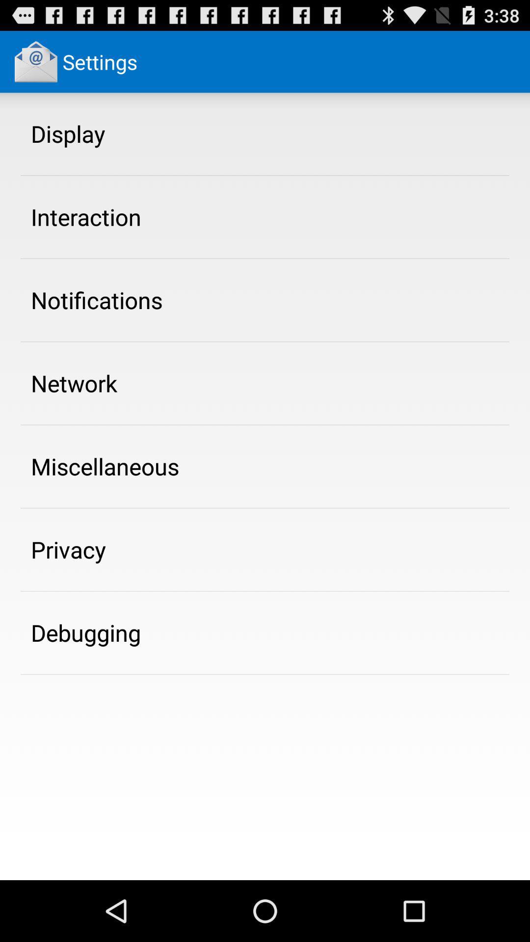  I want to click on the notifications app, so click(97, 299).